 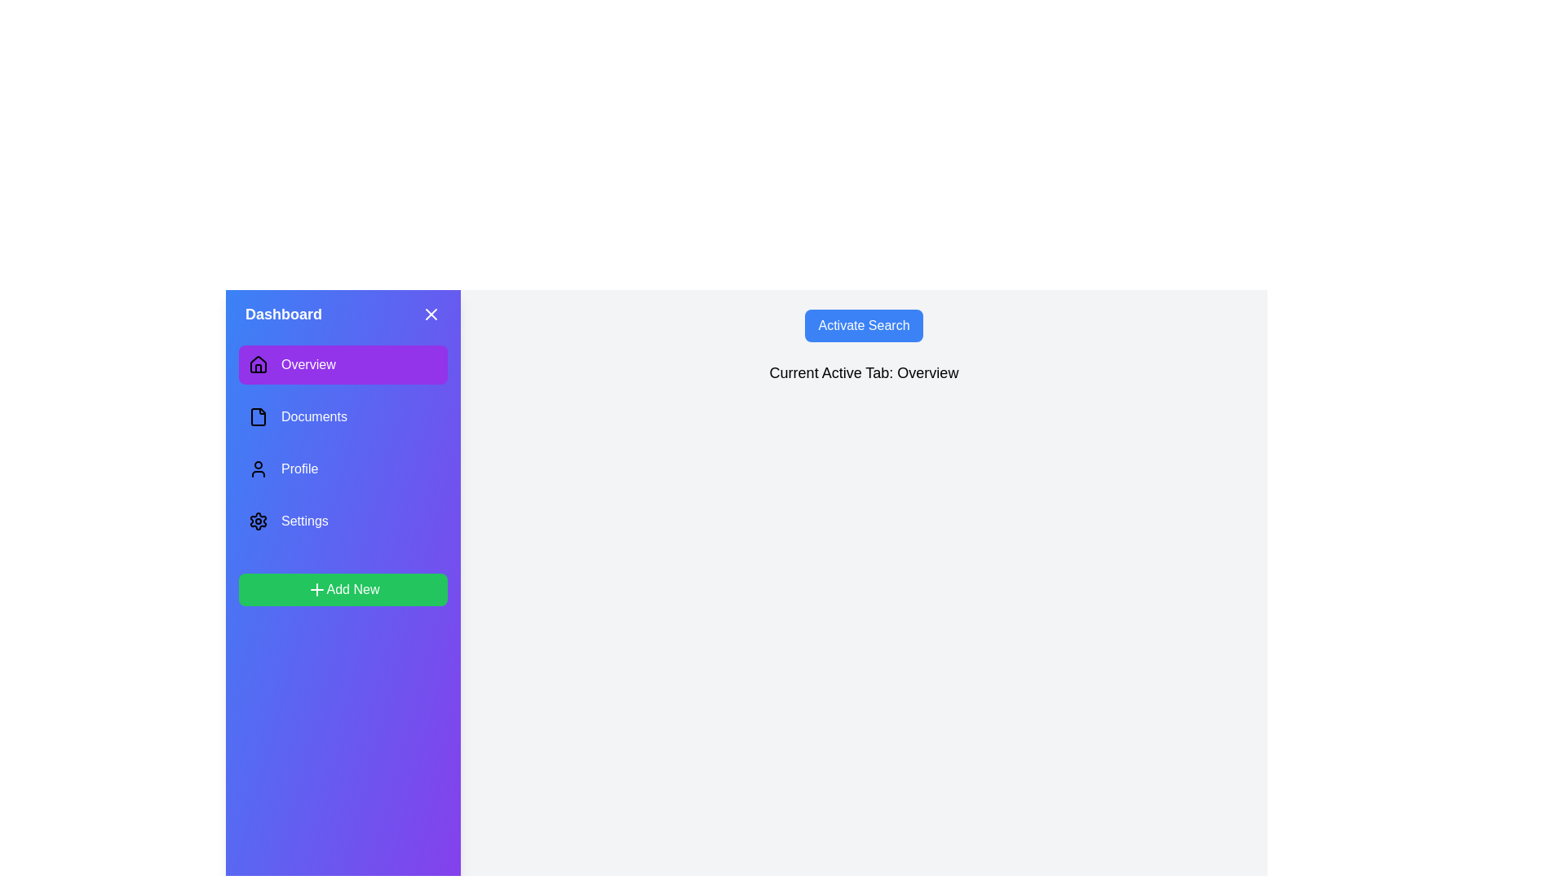 What do you see at coordinates (863, 373) in the screenshot?
I see `the static text label displaying 'Current Active Tab: Overview', which is positioned below the 'Activate Search' button and centrally aligned in the interface` at bounding box center [863, 373].